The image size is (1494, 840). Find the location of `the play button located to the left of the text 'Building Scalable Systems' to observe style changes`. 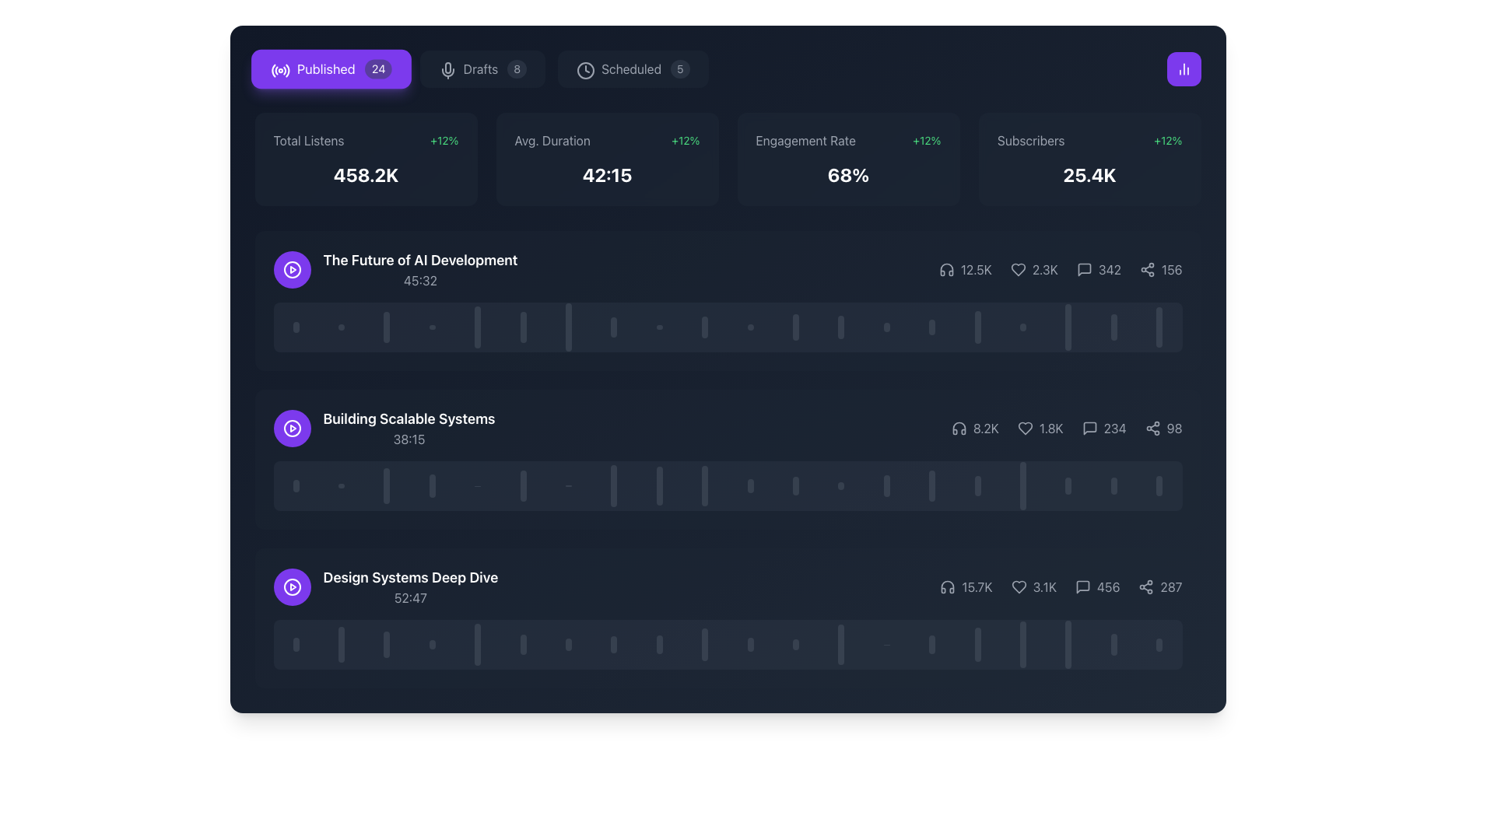

the play button located to the left of the text 'Building Scalable Systems' to observe style changes is located at coordinates (292, 429).